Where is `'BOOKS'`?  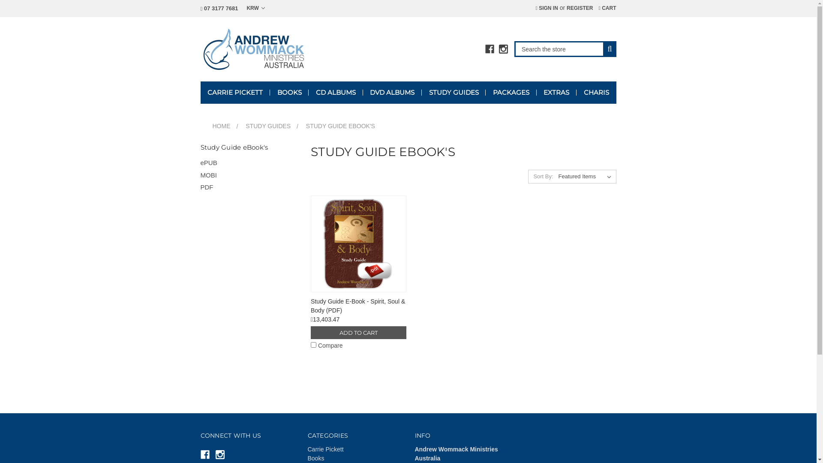 'BOOKS' is located at coordinates (269, 93).